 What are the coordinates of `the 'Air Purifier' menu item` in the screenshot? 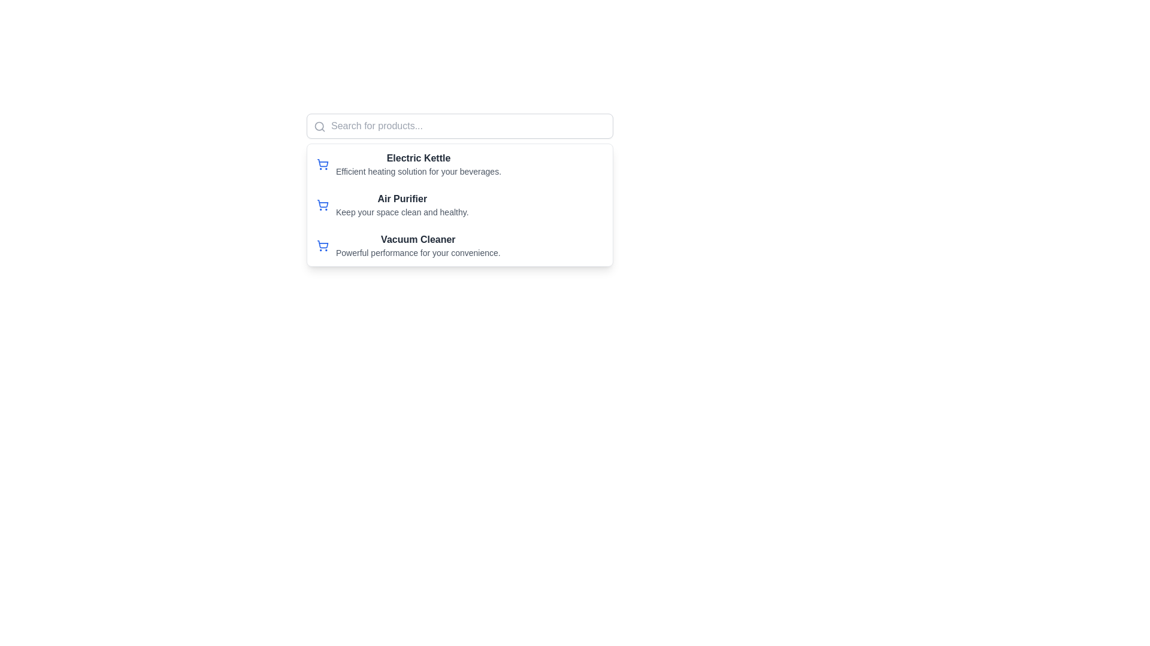 It's located at (459, 205).